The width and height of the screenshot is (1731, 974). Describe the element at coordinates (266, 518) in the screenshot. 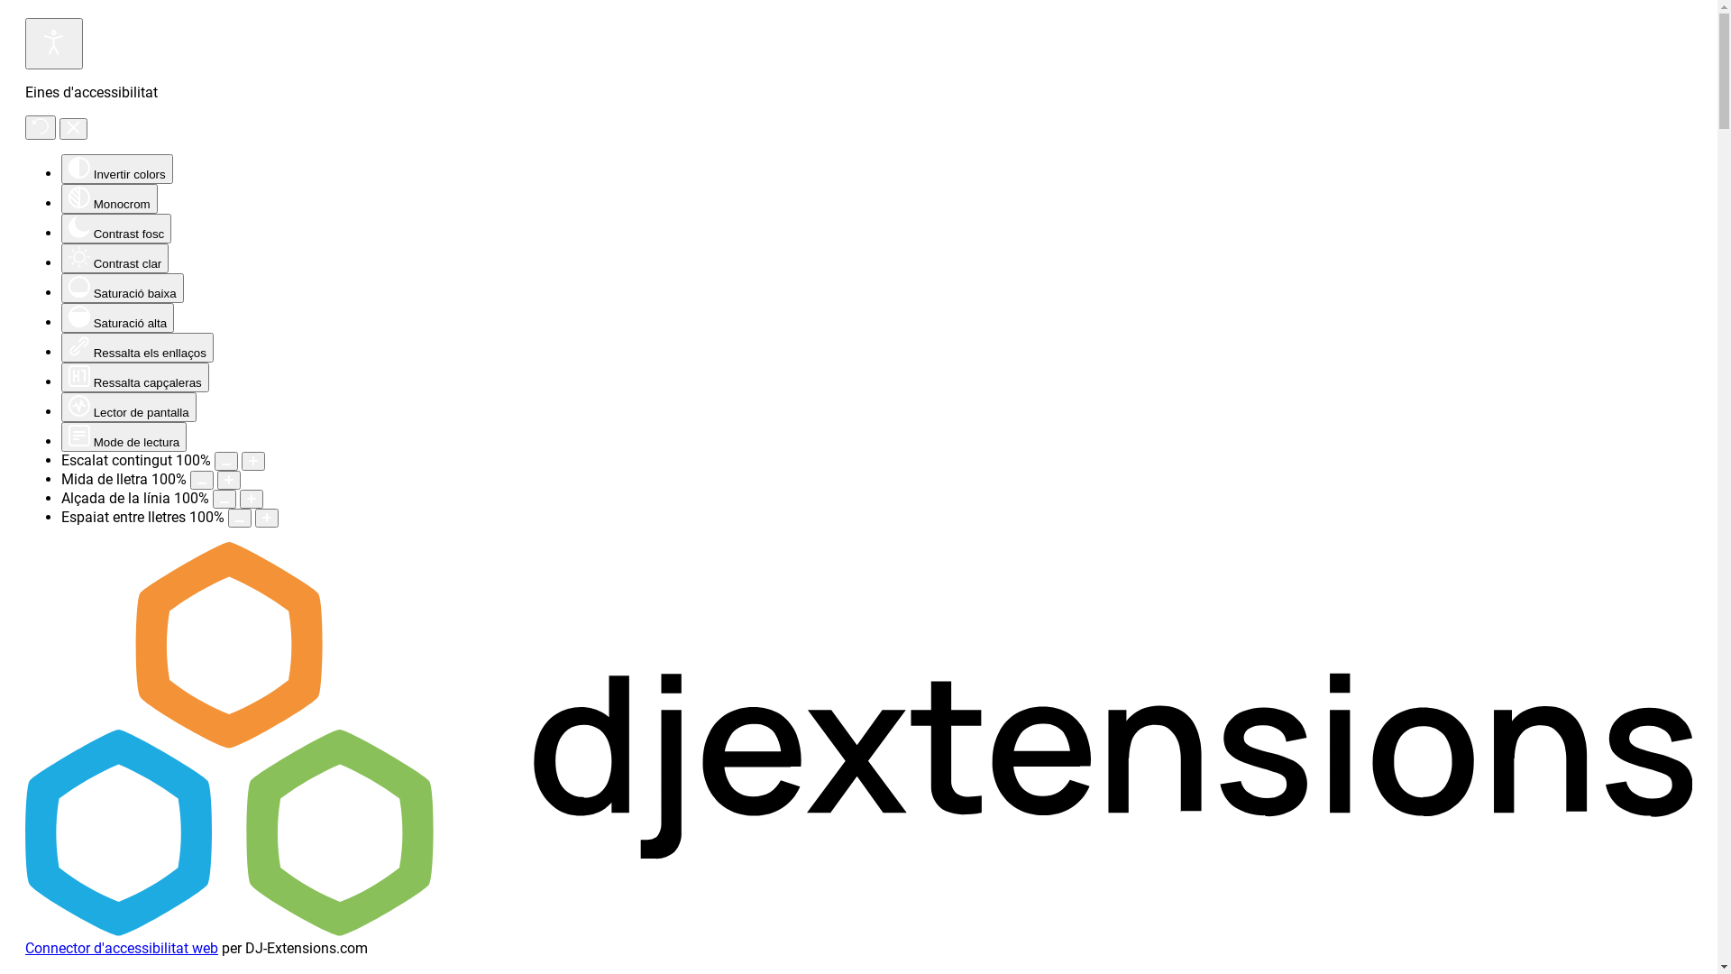

I see `'Augmenta l'espai entre lletres'` at that location.